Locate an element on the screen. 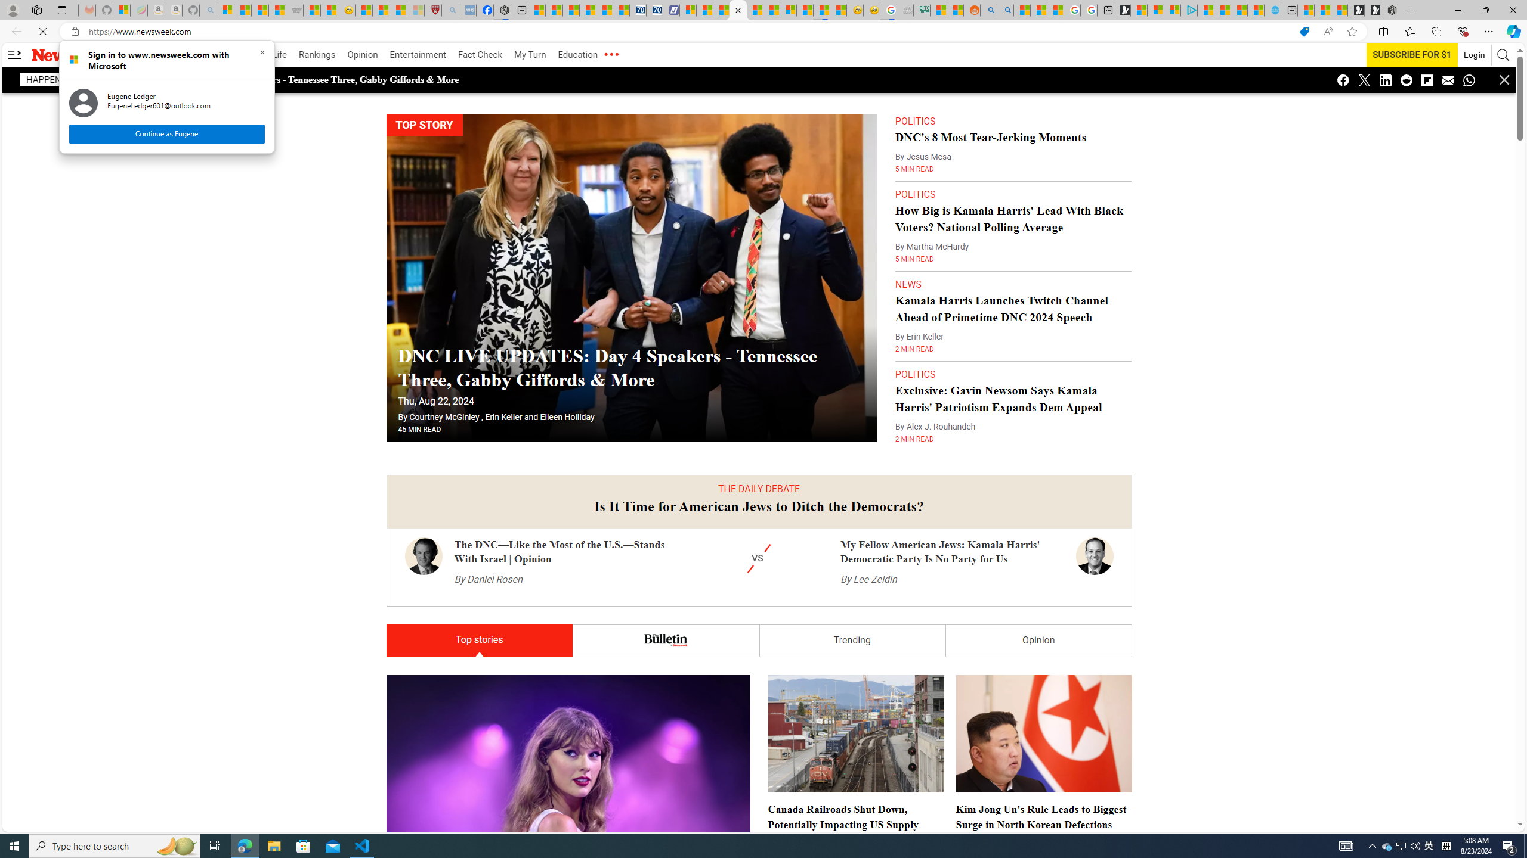  'Class: icon-twitter' is located at coordinates (1364, 79).